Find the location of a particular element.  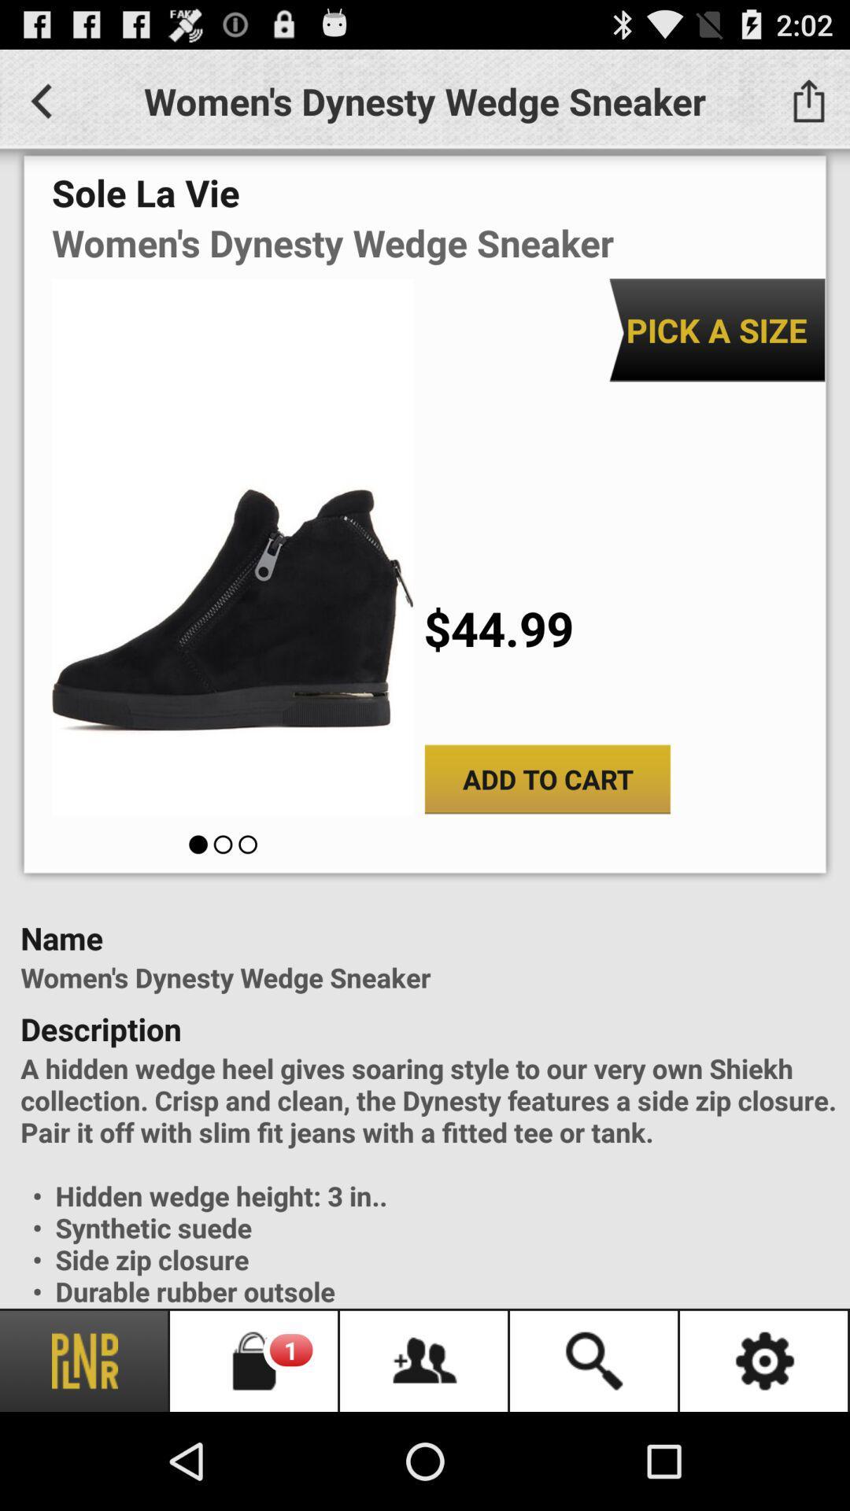

the pick a size item is located at coordinates (716, 329).